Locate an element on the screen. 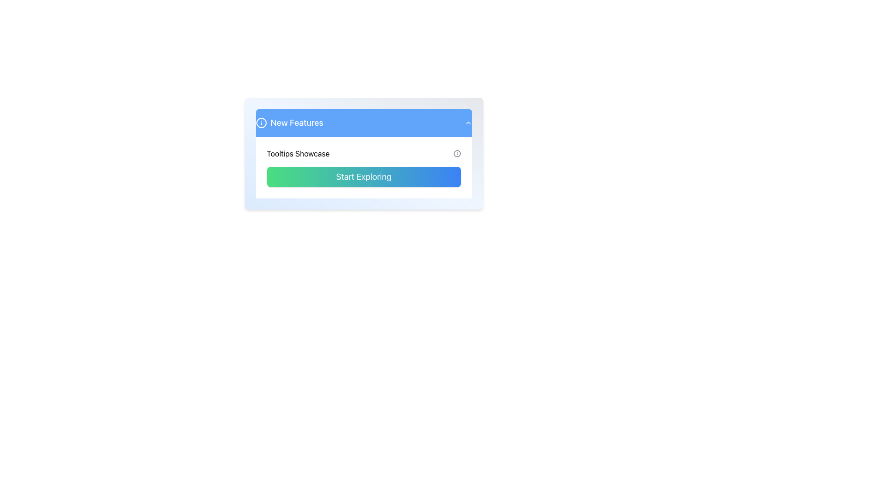 The width and height of the screenshot is (895, 503). the upward-pointing chevron icon located in the upper right corner of the 'New Features' header is located at coordinates (468, 122).